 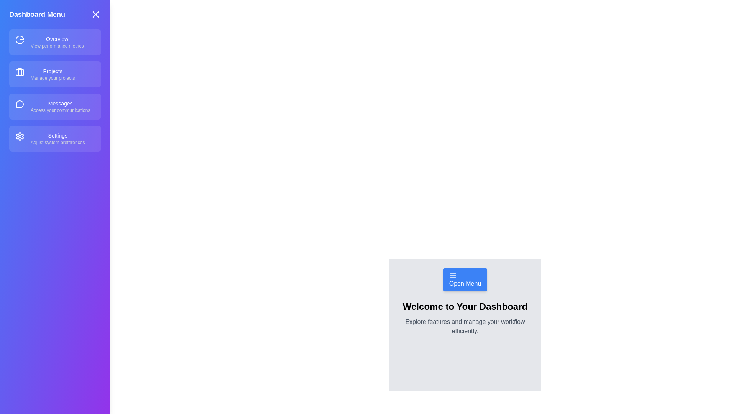 I want to click on the menu item Projects to observe visual feedback, so click(x=55, y=74).